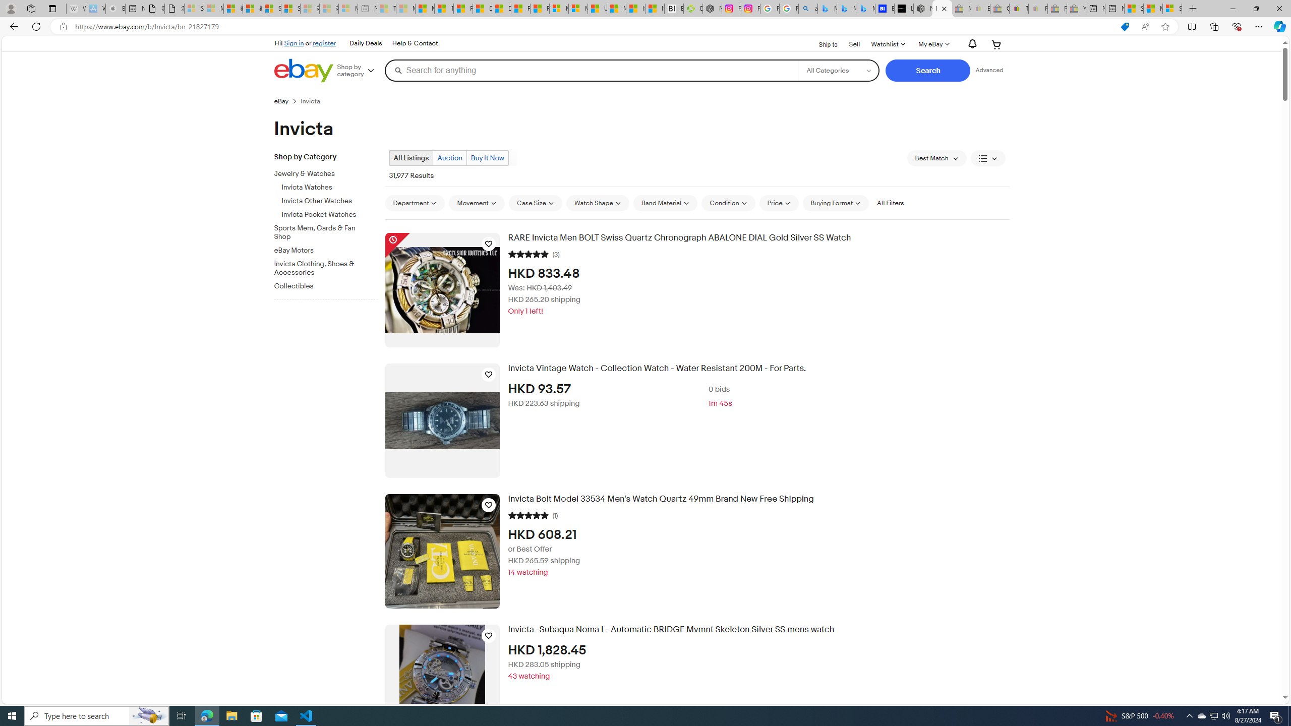 The image size is (1291, 726). Describe the element at coordinates (1057, 8) in the screenshot. I see `'Press Room - eBay Inc. - Sleeping'` at that location.